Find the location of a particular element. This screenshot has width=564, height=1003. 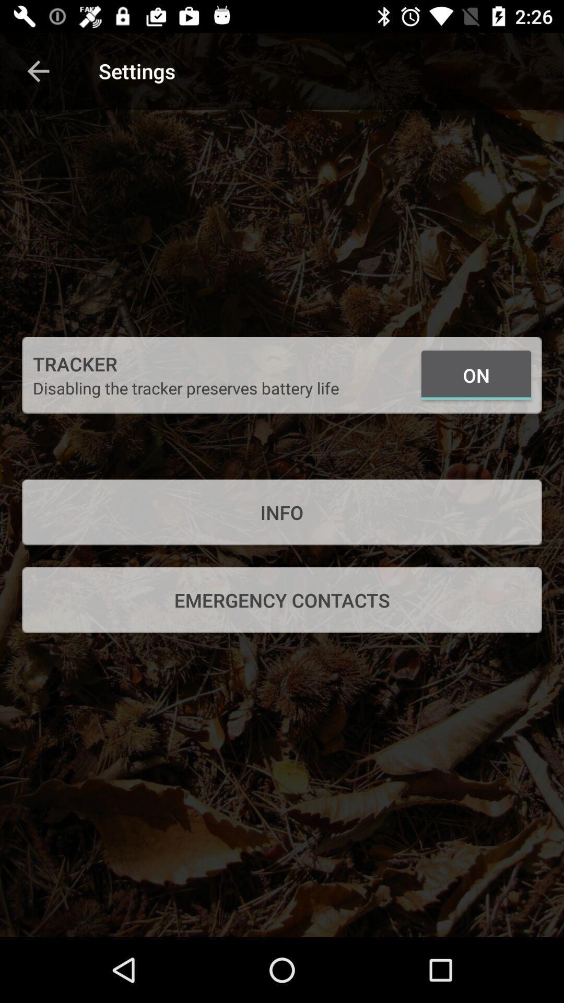

item next to settings icon is located at coordinates (38, 71).